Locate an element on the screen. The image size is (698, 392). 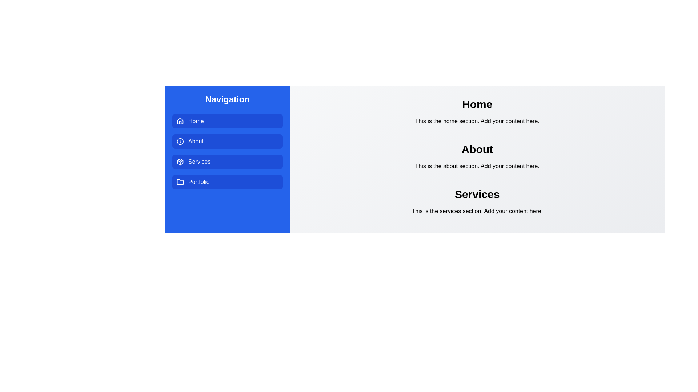
the 'Portfolio' button, which is the fourth item in the vertical navigation menu located in the left section of the interface, directly beneath the 'Services' button is located at coordinates (227, 181).